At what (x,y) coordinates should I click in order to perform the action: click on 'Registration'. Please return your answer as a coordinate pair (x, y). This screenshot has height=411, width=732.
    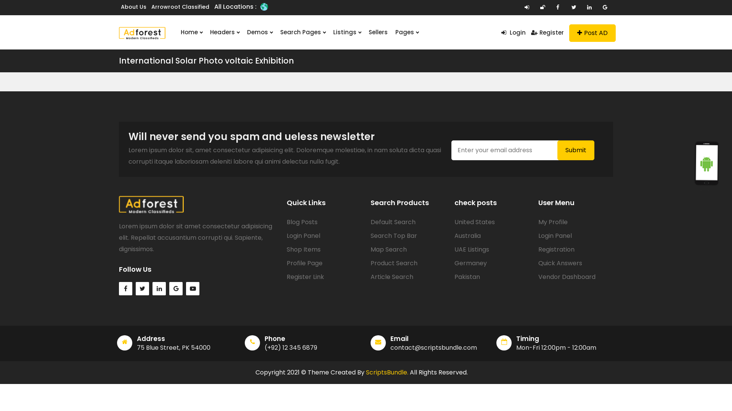
    Looking at the image, I should click on (556, 249).